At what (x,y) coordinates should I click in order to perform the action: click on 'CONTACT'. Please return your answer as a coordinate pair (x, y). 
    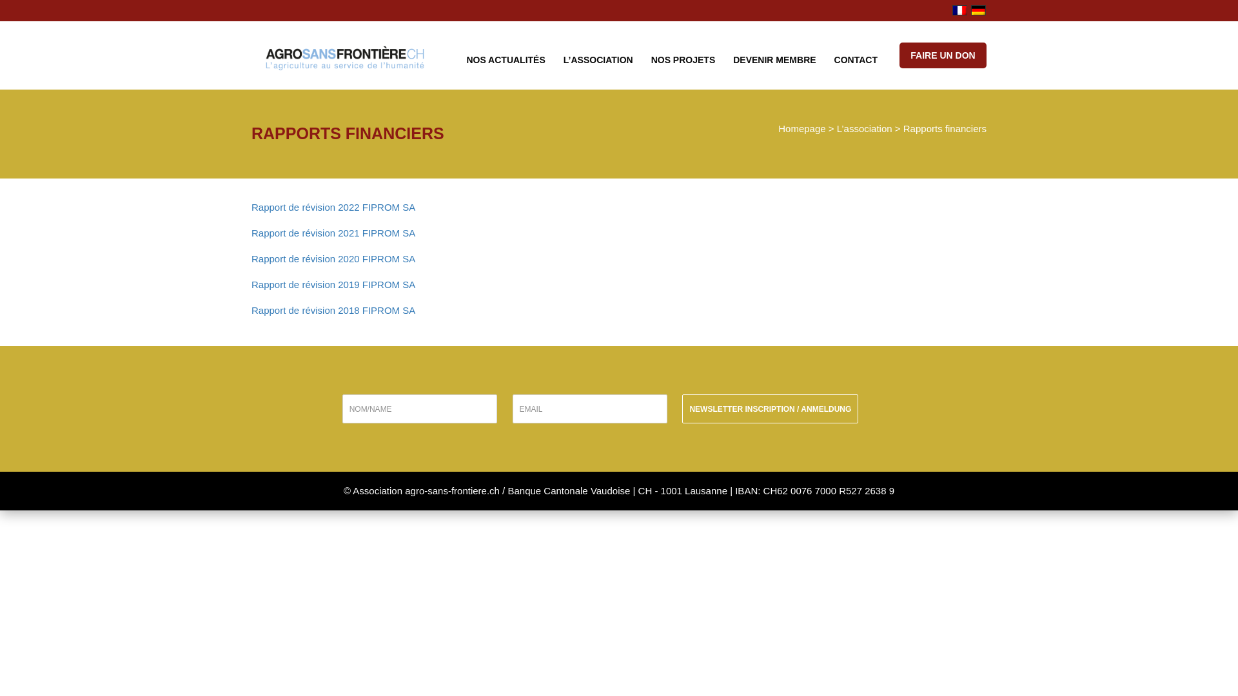
    Looking at the image, I should click on (856, 59).